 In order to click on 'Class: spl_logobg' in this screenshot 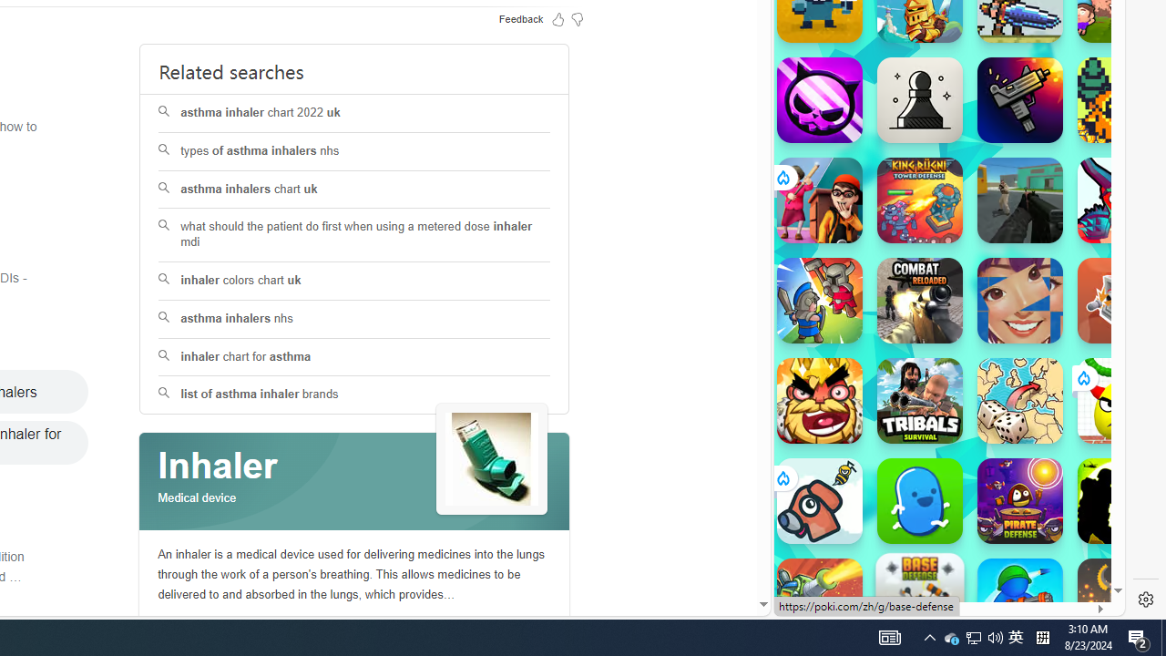, I will do `click(354, 481)`.